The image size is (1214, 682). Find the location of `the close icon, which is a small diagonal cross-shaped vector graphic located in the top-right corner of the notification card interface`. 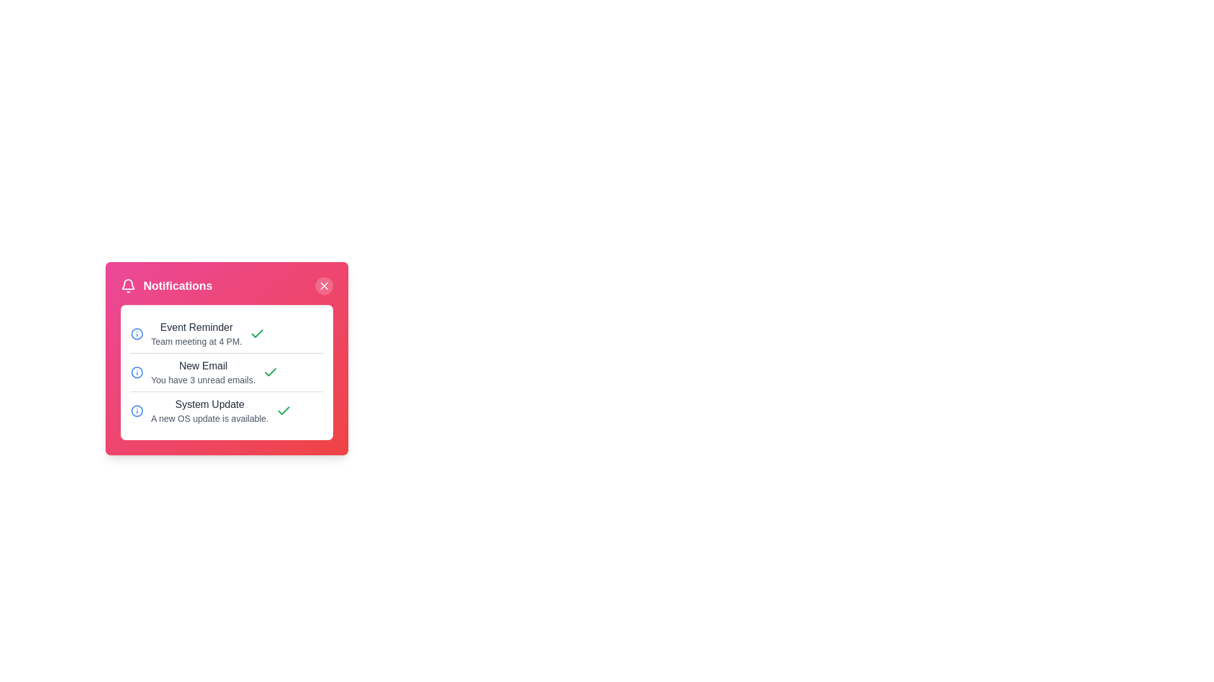

the close icon, which is a small diagonal cross-shaped vector graphic located in the top-right corner of the notification card interface is located at coordinates (324, 285).